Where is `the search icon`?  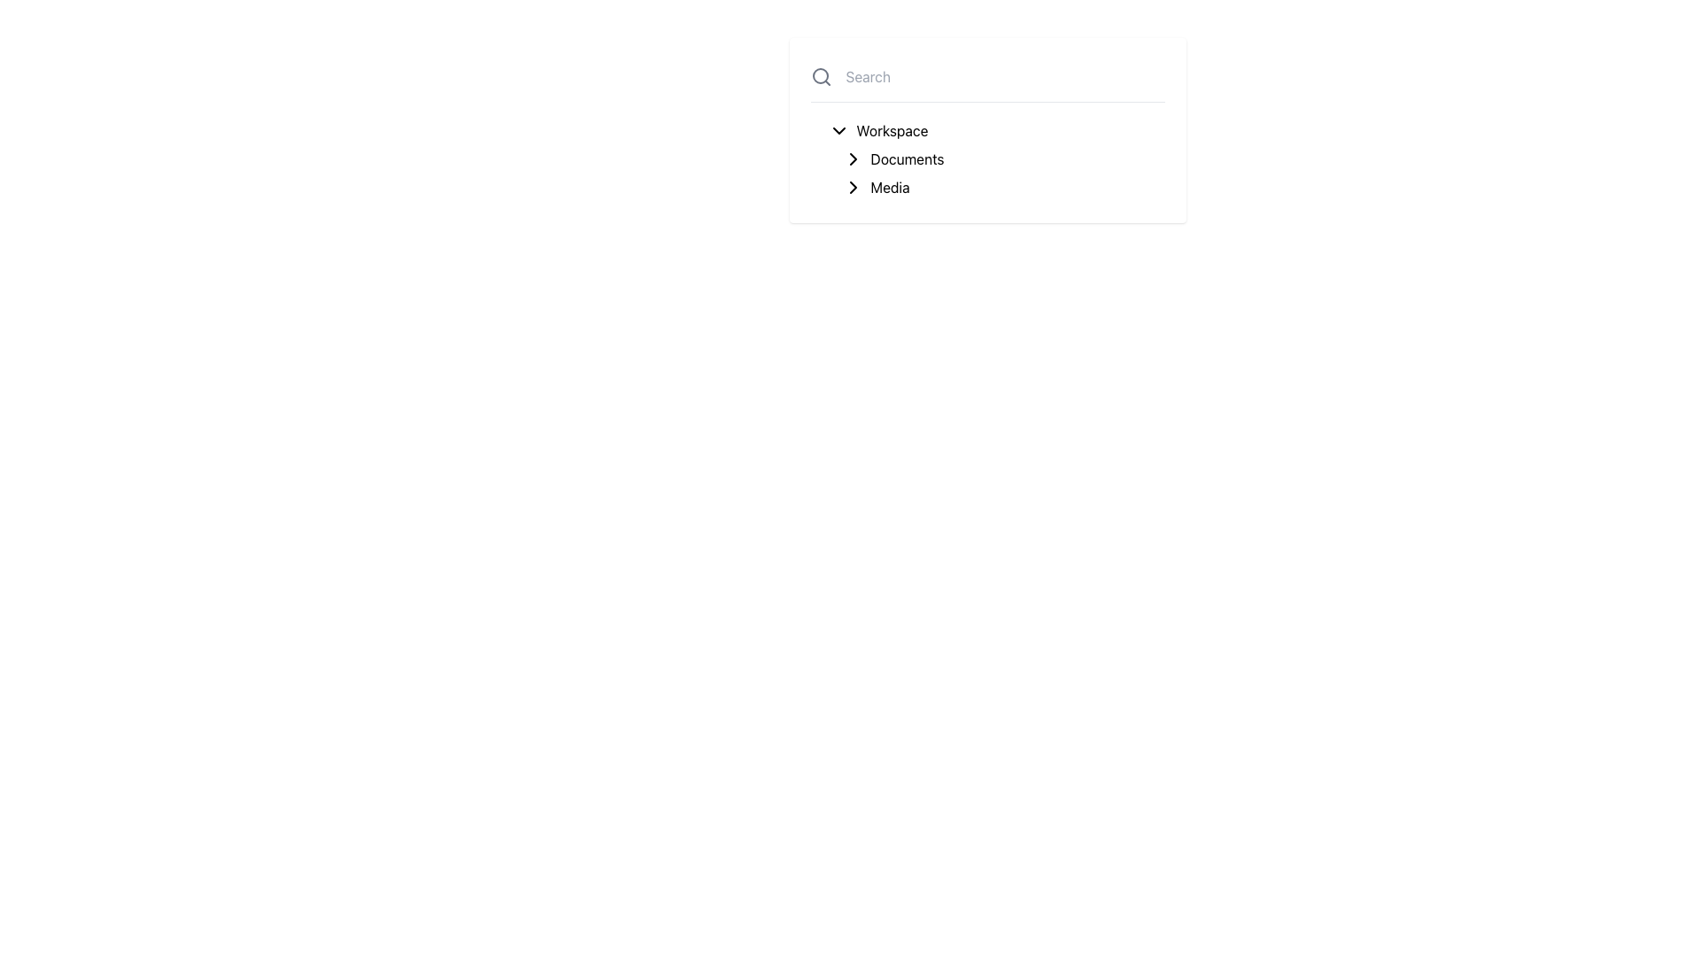 the search icon is located at coordinates (820, 76).